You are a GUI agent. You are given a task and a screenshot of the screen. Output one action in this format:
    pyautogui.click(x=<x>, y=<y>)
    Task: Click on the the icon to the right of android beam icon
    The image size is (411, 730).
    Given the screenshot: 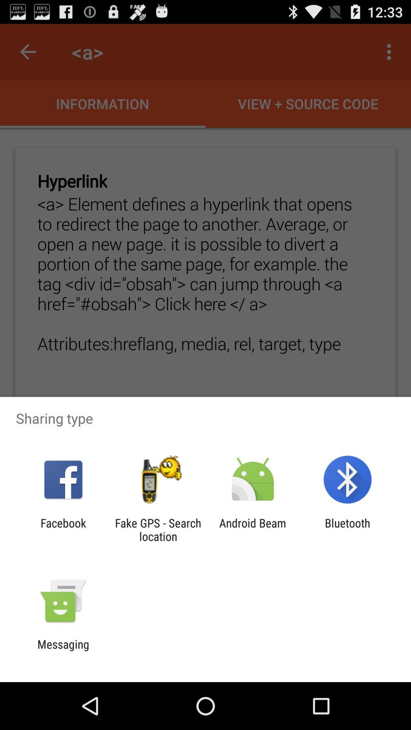 What is the action you would take?
    pyautogui.click(x=347, y=529)
    